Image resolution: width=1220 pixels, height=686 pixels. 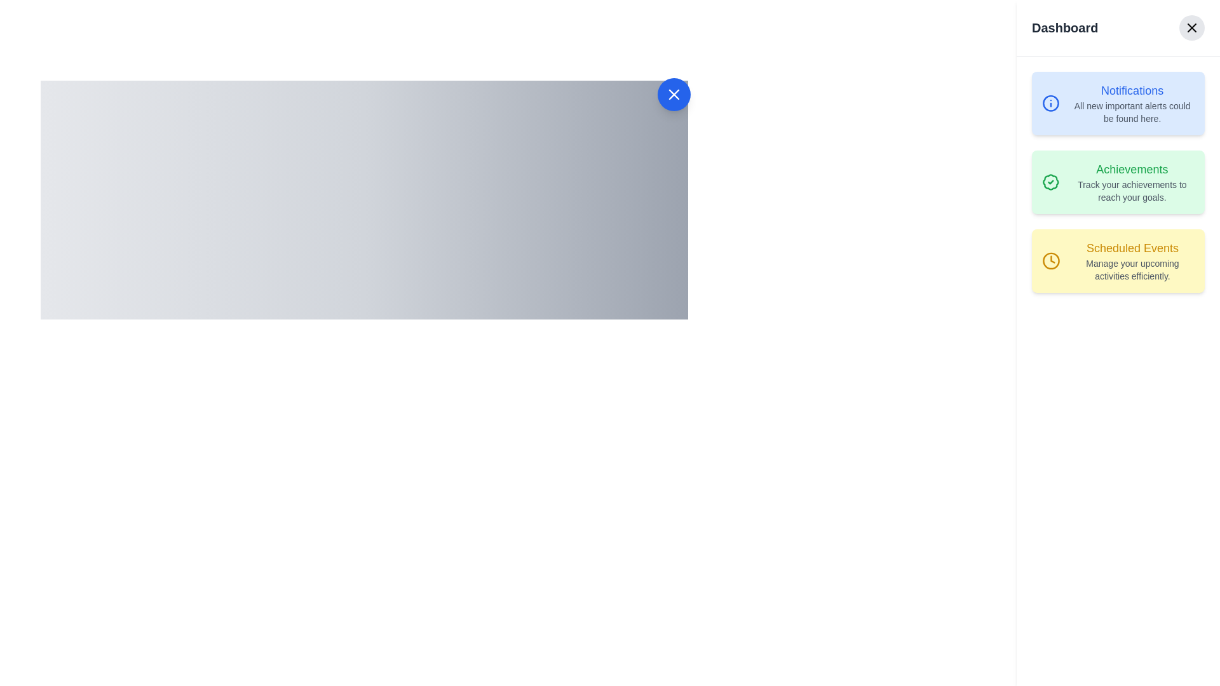 What do you see at coordinates (1051, 260) in the screenshot?
I see `the clock icon` at bounding box center [1051, 260].